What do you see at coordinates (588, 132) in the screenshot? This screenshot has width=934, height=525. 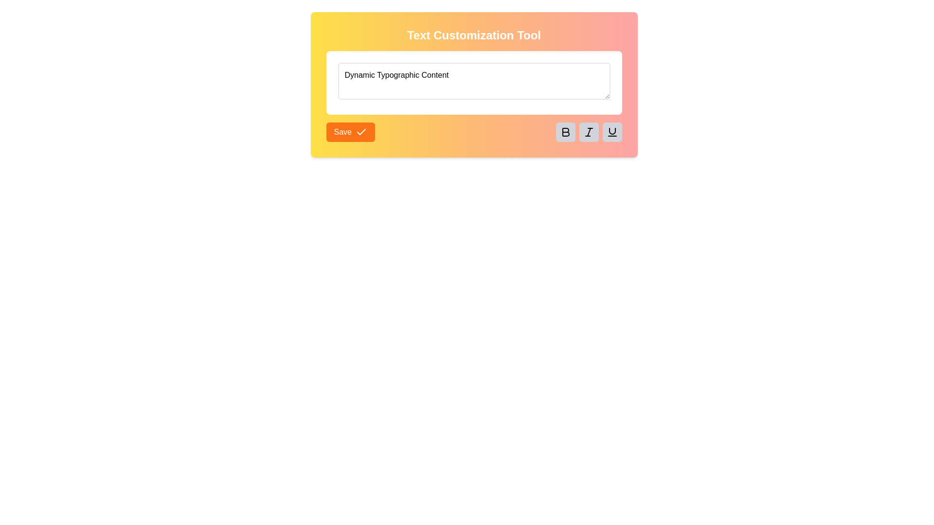 I see `the italic formatting icon located centrally in the formatting options toolbar to apply italic styling to the selected text` at bounding box center [588, 132].